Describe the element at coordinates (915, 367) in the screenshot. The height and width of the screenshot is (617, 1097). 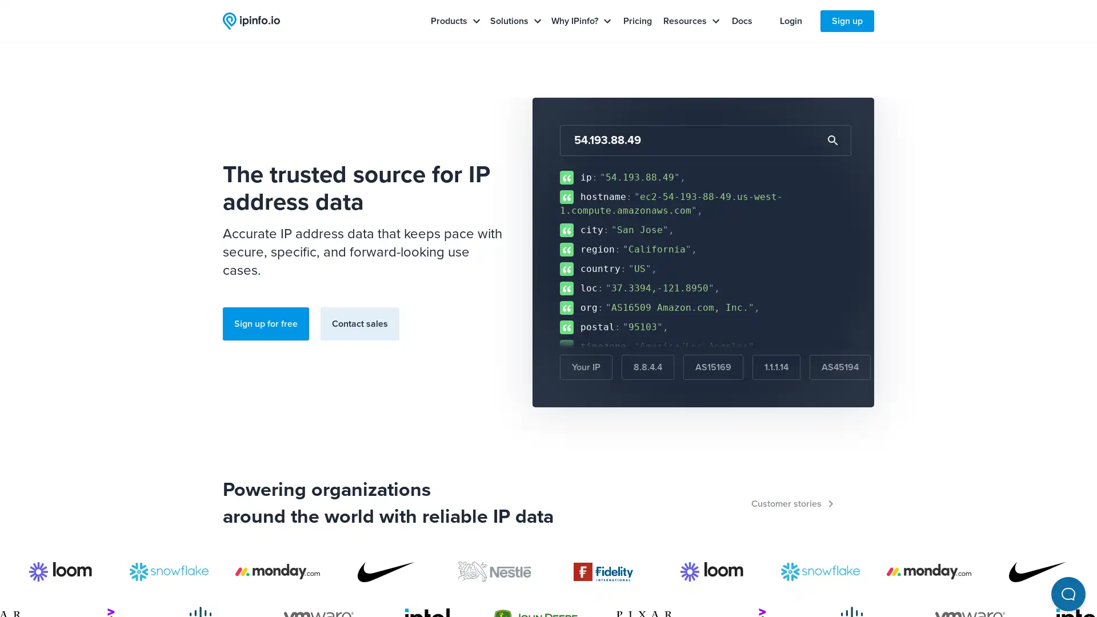
I see `68.87.41.40` at that location.